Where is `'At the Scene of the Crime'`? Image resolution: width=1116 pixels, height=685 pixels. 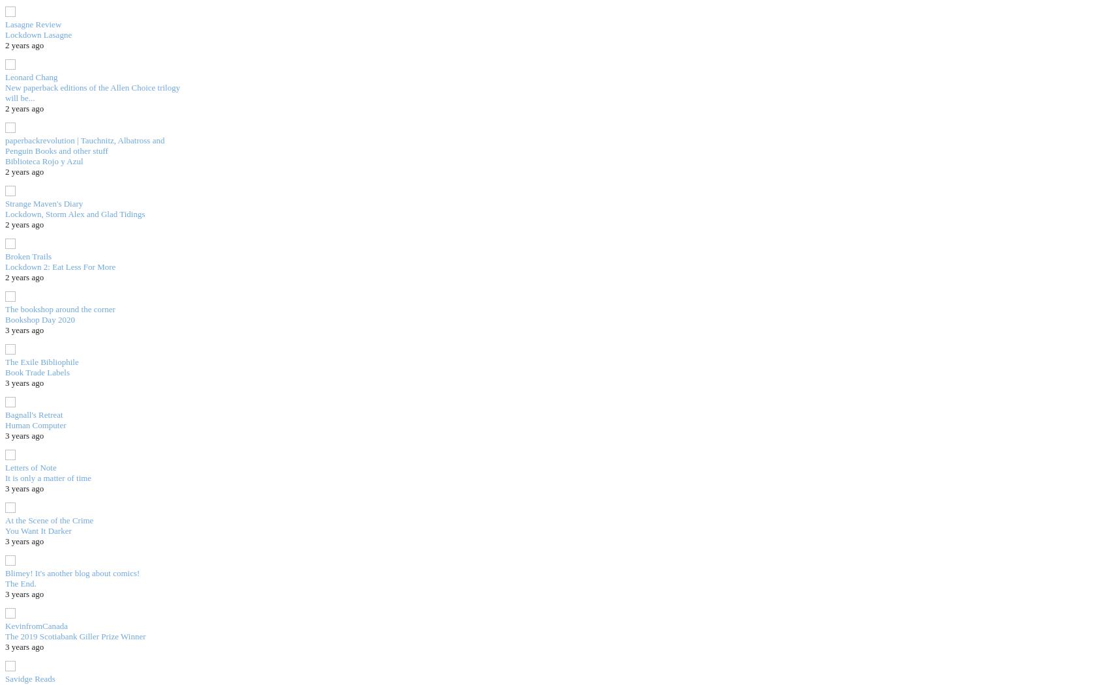 'At the Scene of the Crime' is located at coordinates (5, 519).